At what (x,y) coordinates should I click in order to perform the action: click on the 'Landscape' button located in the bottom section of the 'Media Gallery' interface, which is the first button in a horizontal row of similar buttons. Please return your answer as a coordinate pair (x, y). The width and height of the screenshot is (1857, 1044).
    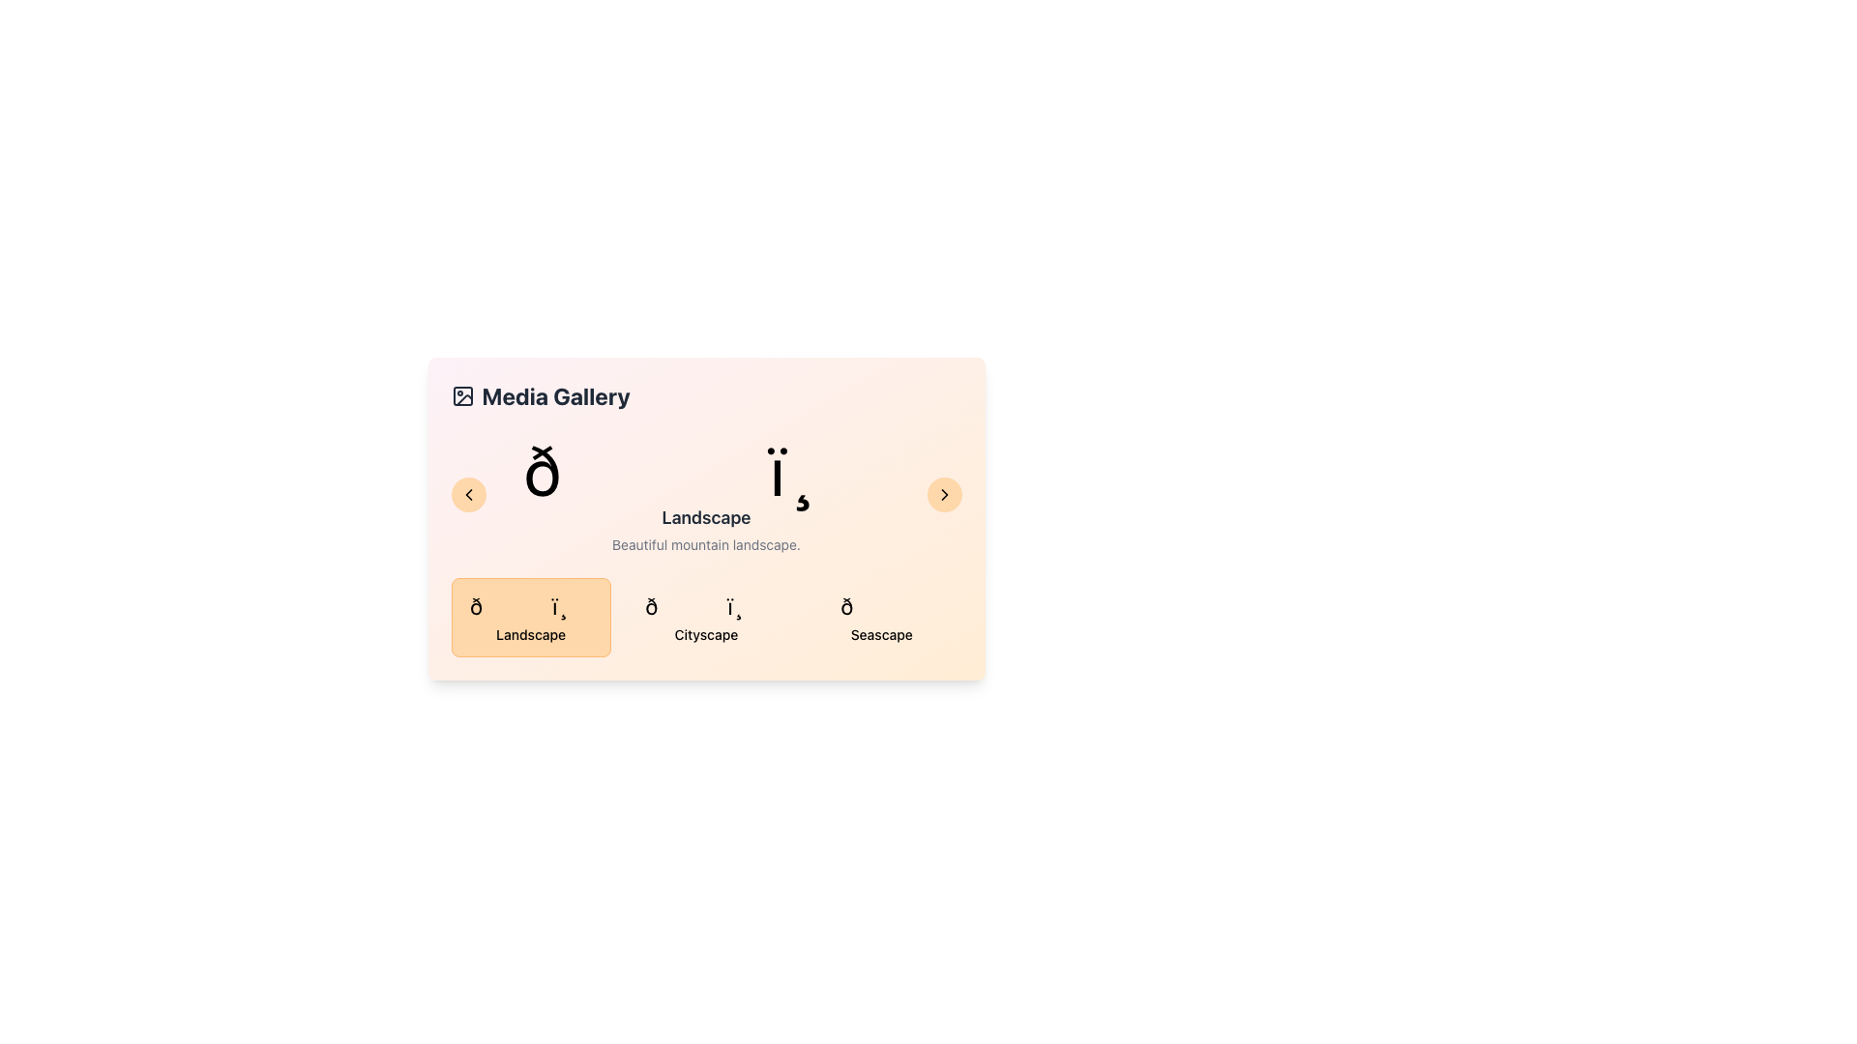
    Looking at the image, I should click on (531, 634).